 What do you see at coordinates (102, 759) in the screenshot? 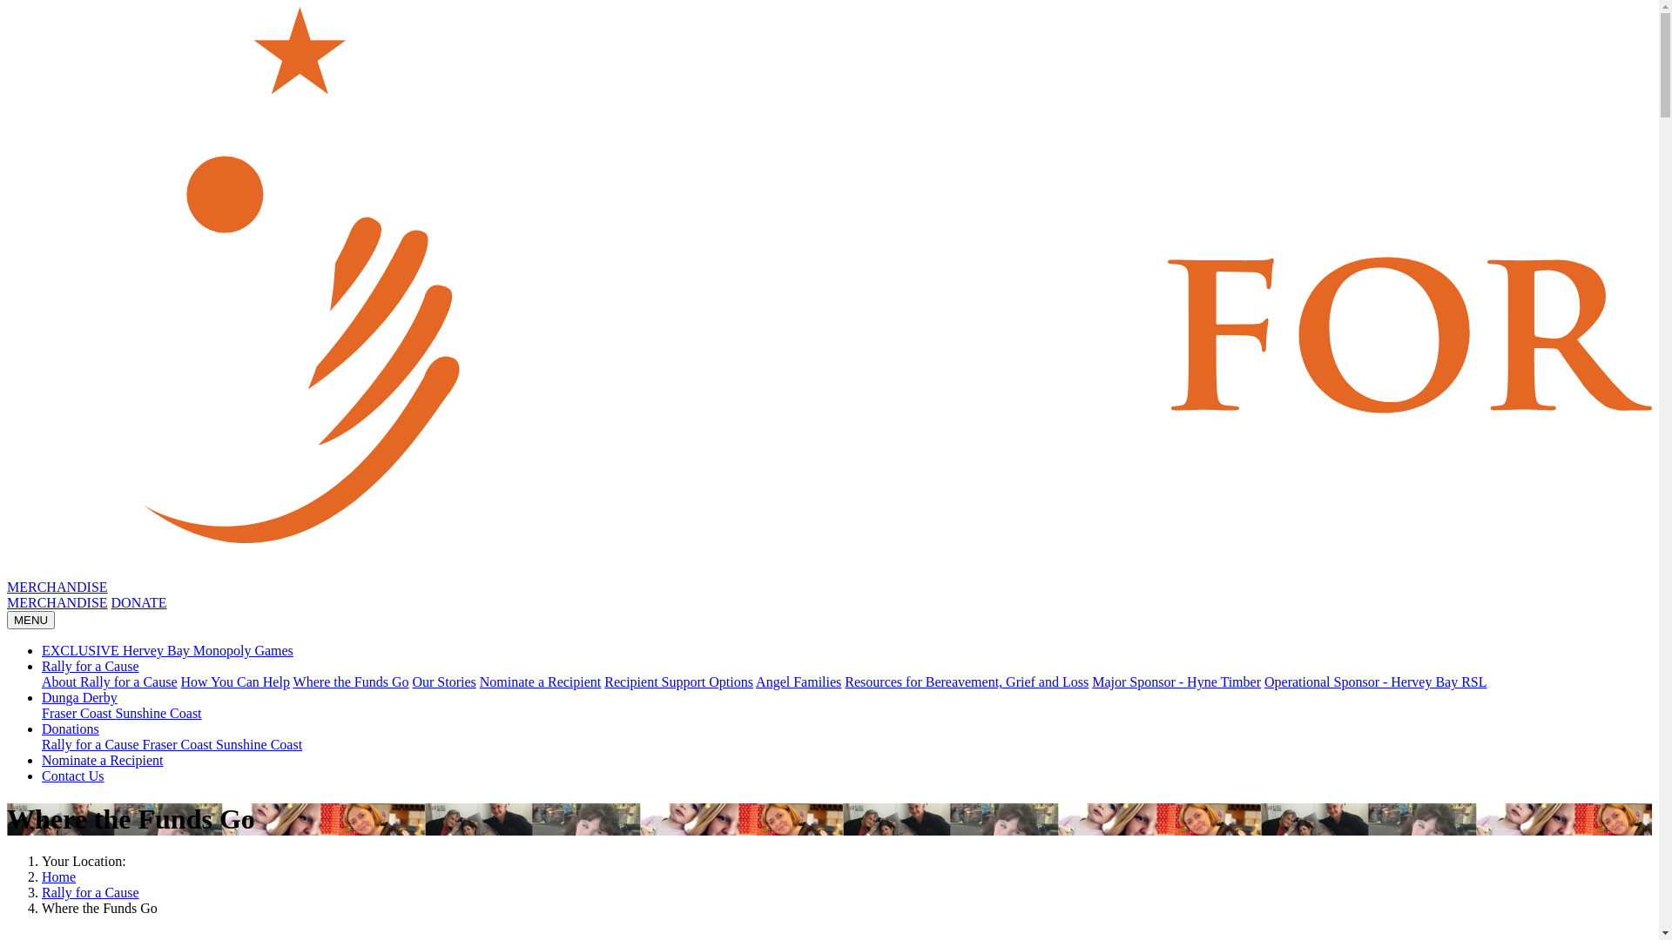
I see `'Nominate a Recipient'` at bounding box center [102, 759].